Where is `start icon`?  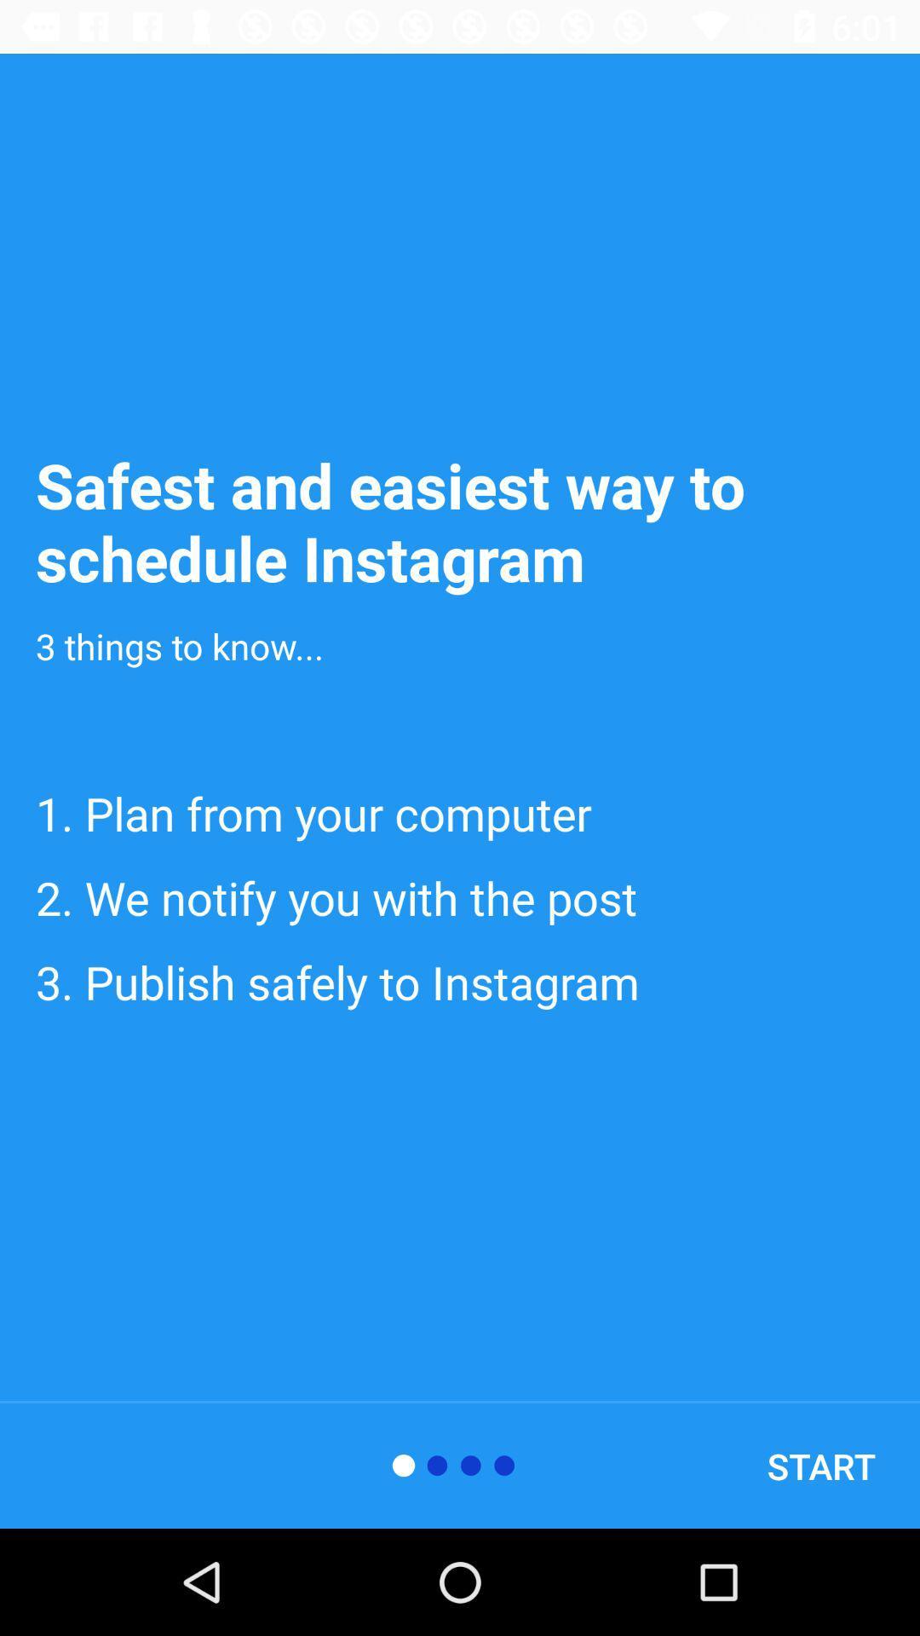 start icon is located at coordinates (820, 1465).